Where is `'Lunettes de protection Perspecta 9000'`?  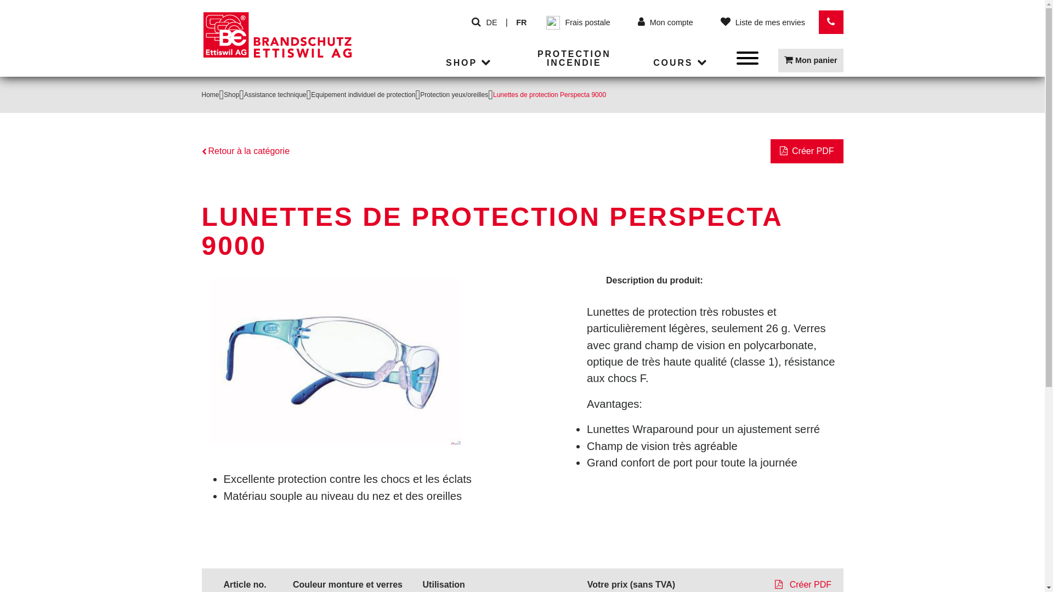
'Lunettes de protection Perspecta 9000' is located at coordinates (334, 361).